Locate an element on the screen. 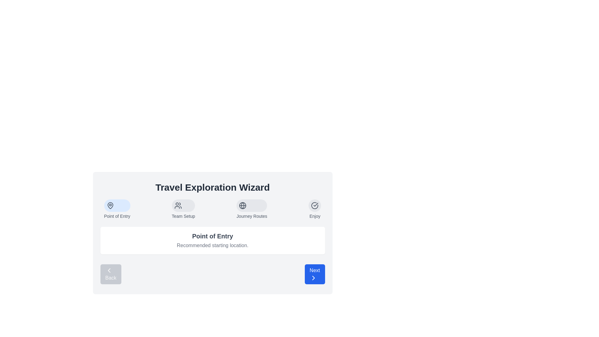 The height and width of the screenshot is (337, 599). a section of the navigation bar located beneath the 'Travel Exploration Wizard' title is located at coordinates (212, 209).